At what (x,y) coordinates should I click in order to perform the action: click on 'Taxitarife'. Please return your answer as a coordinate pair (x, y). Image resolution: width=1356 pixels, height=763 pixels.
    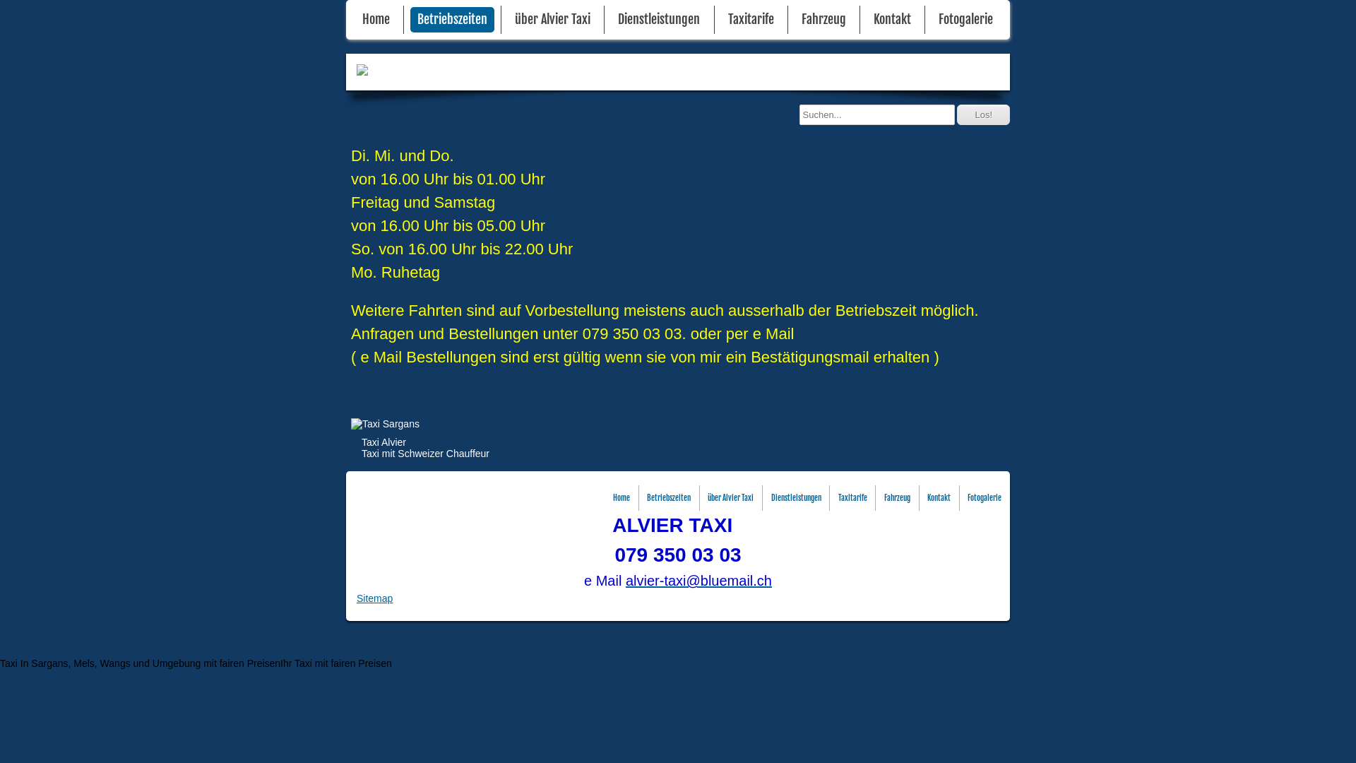
    Looking at the image, I should click on (750, 19).